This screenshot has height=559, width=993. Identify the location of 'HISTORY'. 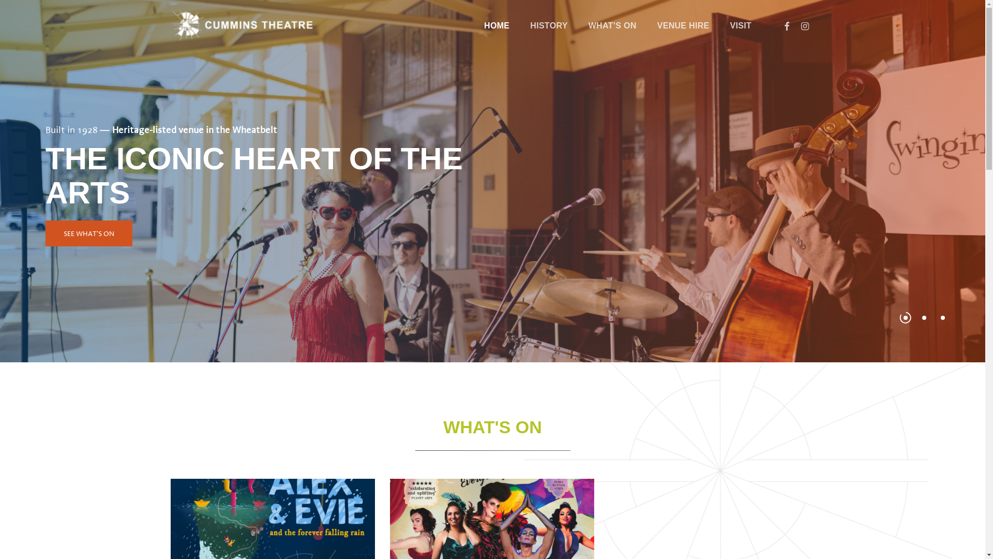
(519, 25).